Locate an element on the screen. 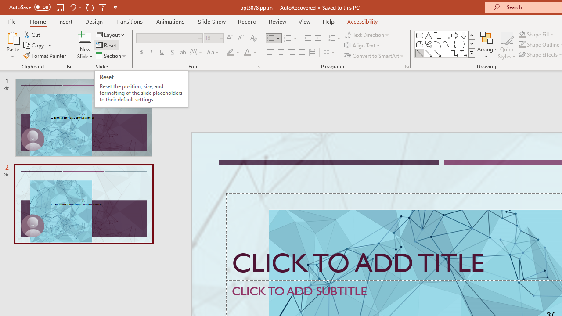 Image resolution: width=562 pixels, height=316 pixels. 'Shape Fill' is located at coordinates (536, 34).